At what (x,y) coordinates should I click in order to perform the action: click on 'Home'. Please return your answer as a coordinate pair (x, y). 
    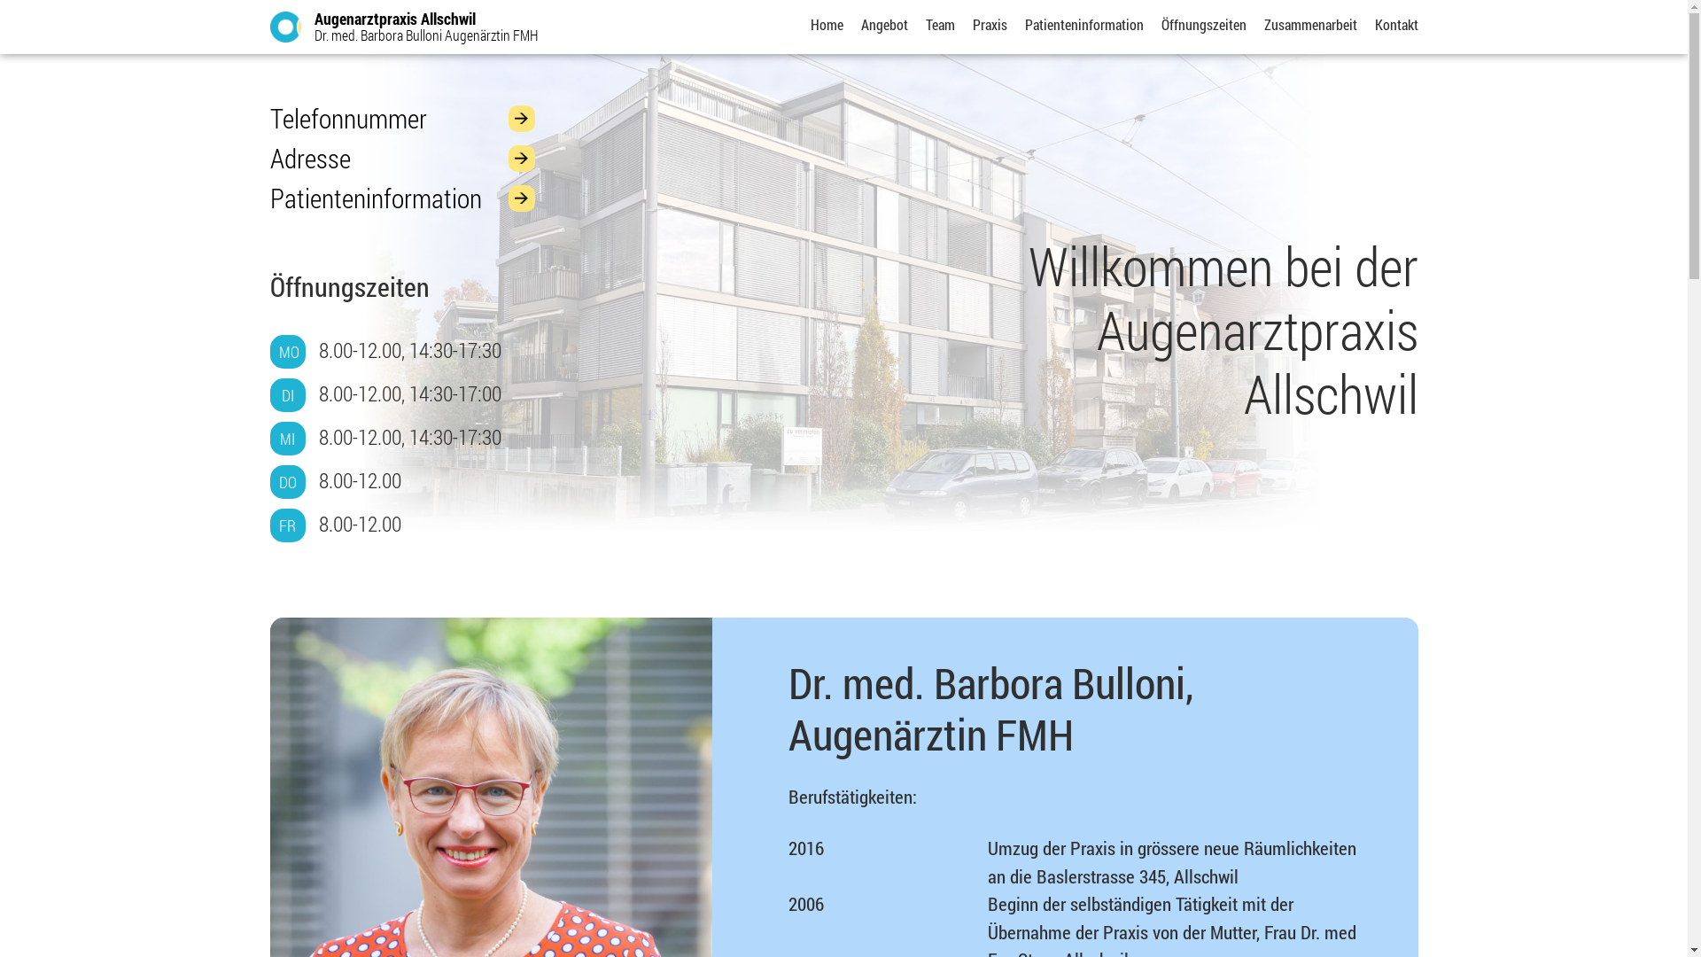
    Looking at the image, I should click on (825, 24).